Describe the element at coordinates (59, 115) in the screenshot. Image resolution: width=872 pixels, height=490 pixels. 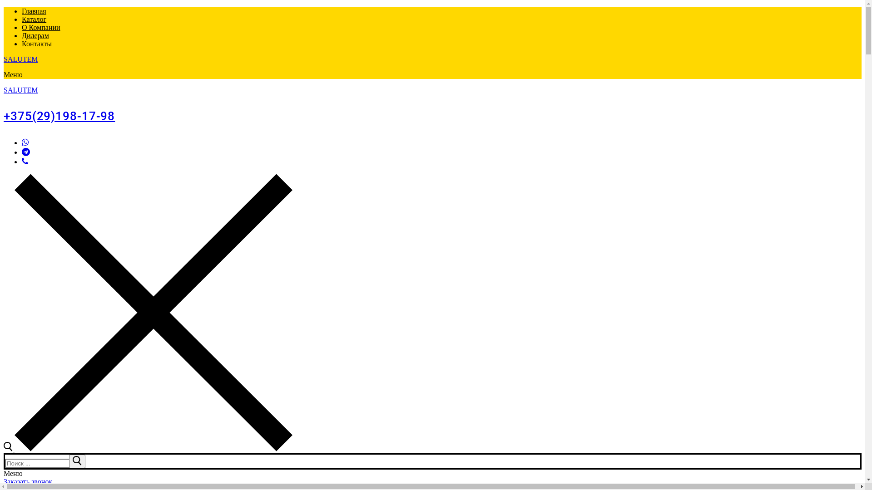
I see `'+375(29)198-17-98'` at that location.